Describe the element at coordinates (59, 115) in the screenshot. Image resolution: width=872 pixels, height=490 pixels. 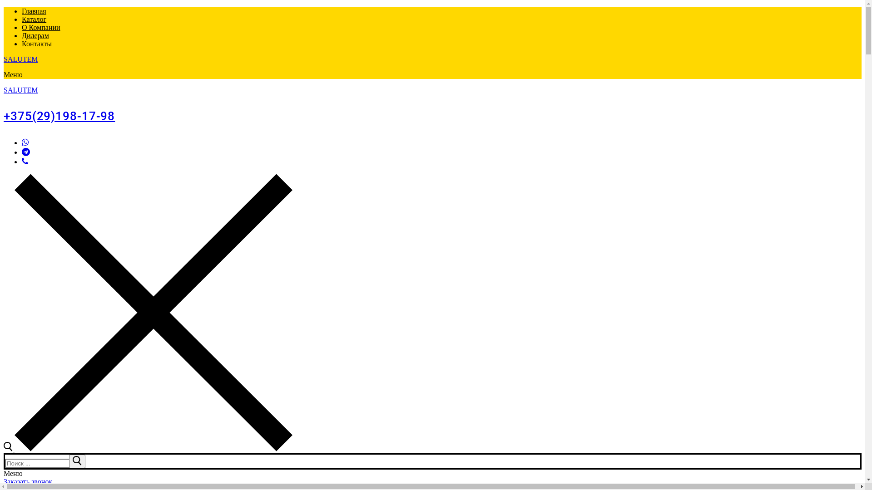
I see `'+375(29)198-17-98'` at that location.